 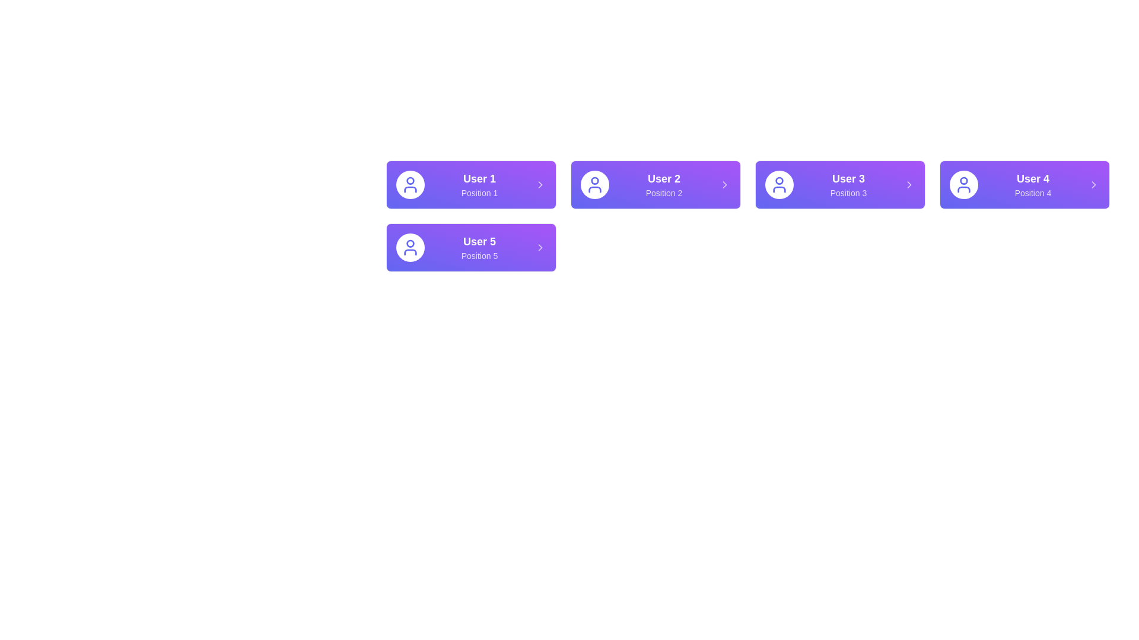 I want to click on the text label providing contextual information beneath the username 'User 2' in the user card layout, so click(x=663, y=193).